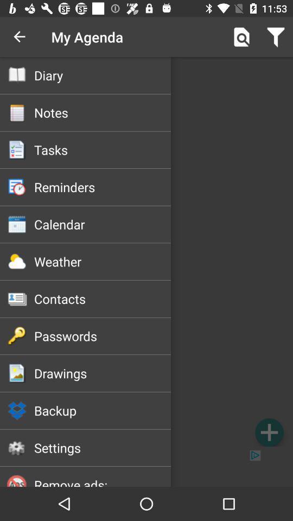  What do you see at coordinates (103, 481) in the screenshot?
I see `the remove ads: icon` at bounding box center [103, 481].